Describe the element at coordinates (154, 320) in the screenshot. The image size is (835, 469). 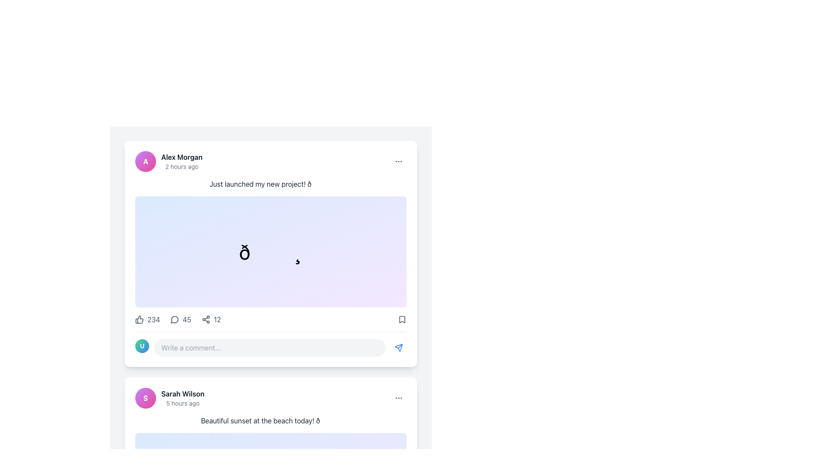
I see `the text element displaying the number '234', which is styled in gray and positioned next to a thumbs-up icon in the bottom-left section of the post card` at that location.